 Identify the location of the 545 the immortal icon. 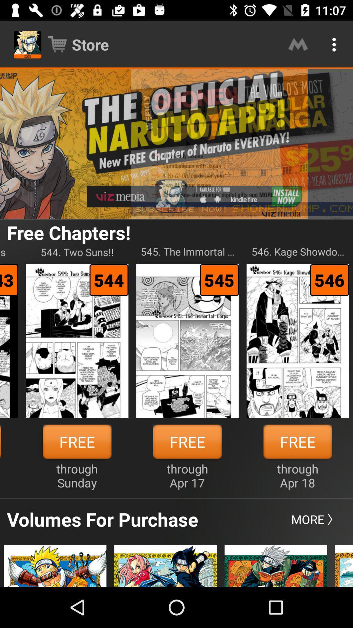
(187, 252).